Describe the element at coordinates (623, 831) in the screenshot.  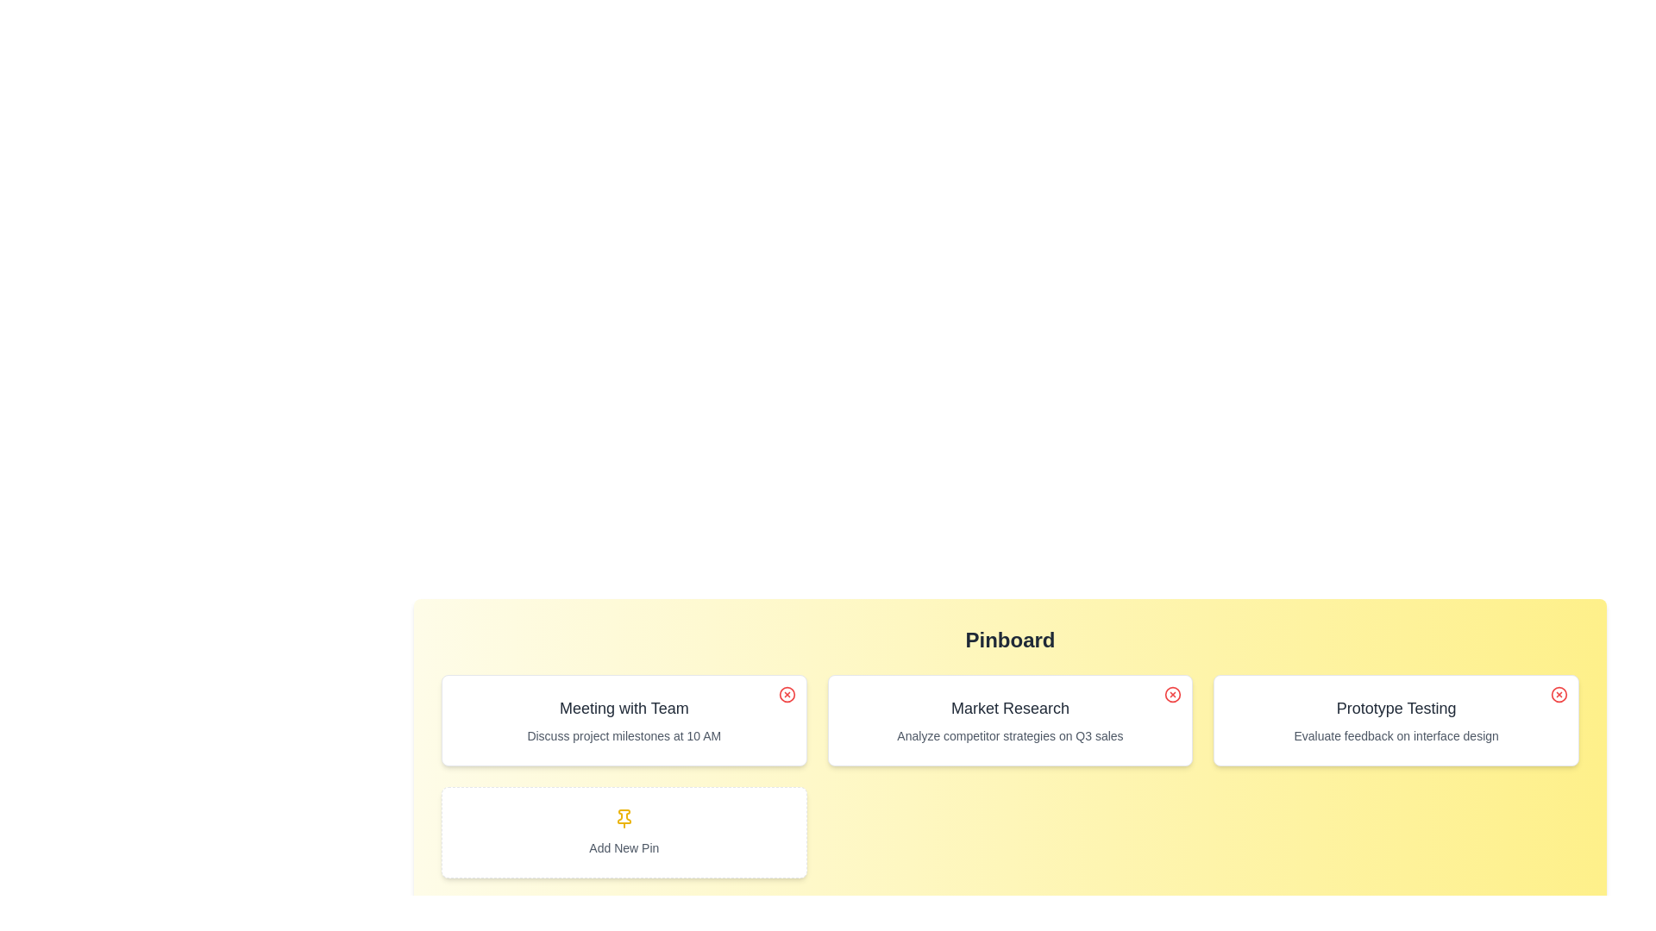
I see `'Add New Pin' button to add a new pin` at that location.